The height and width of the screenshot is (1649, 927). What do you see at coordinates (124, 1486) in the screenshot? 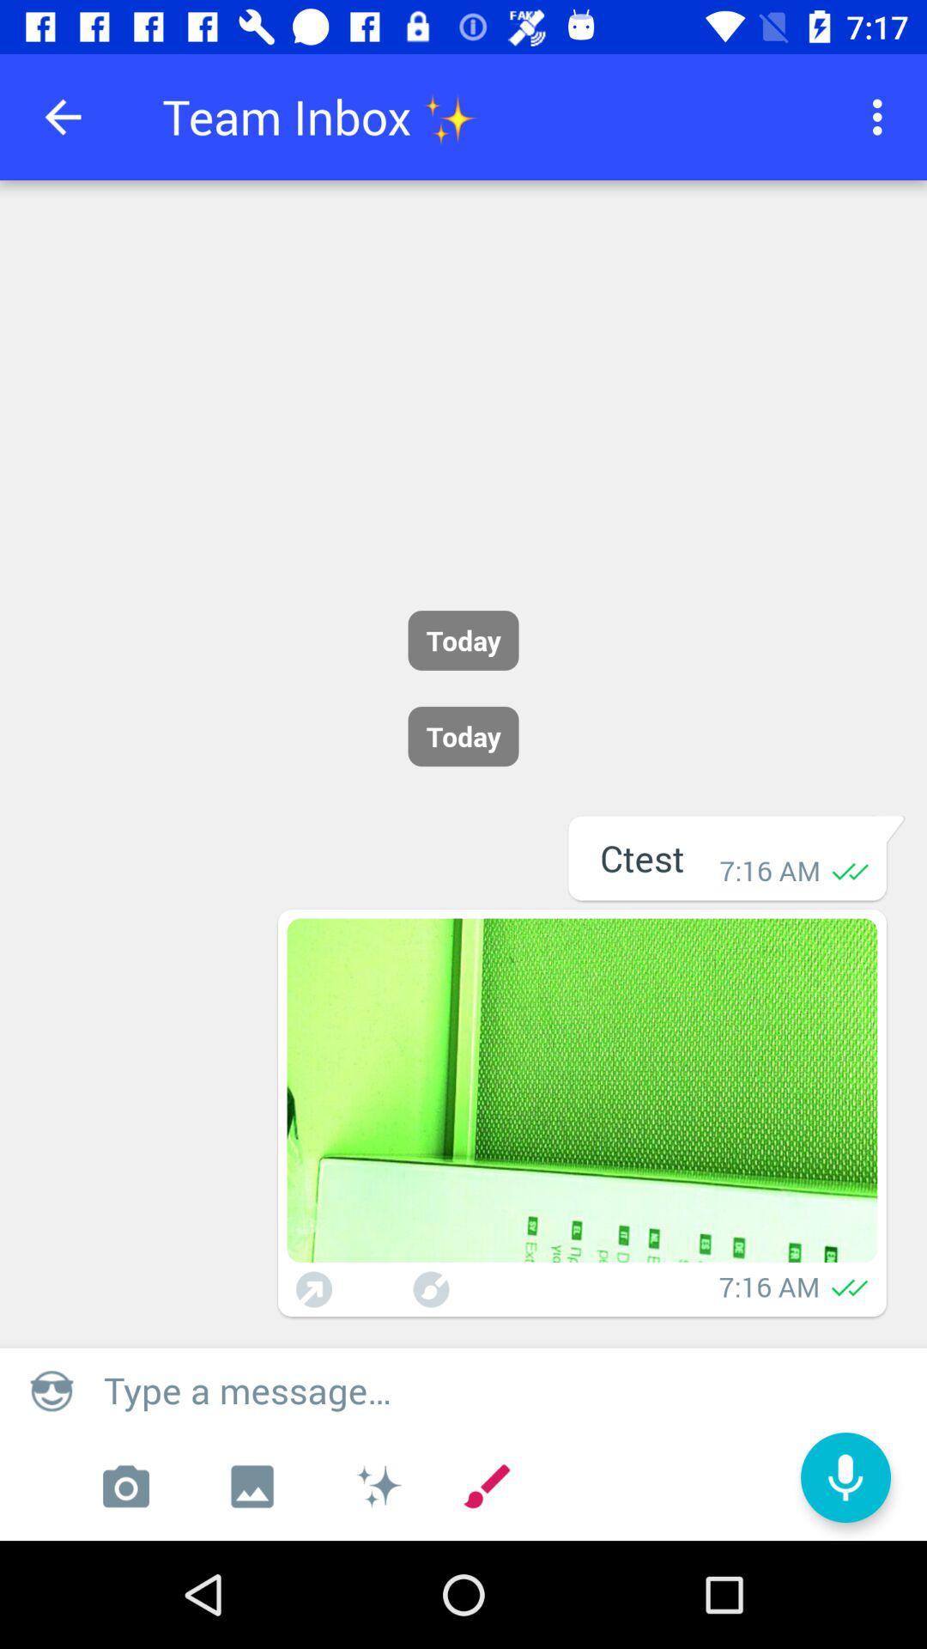
I see `the photo icon` at bounding box center [124, 1486].